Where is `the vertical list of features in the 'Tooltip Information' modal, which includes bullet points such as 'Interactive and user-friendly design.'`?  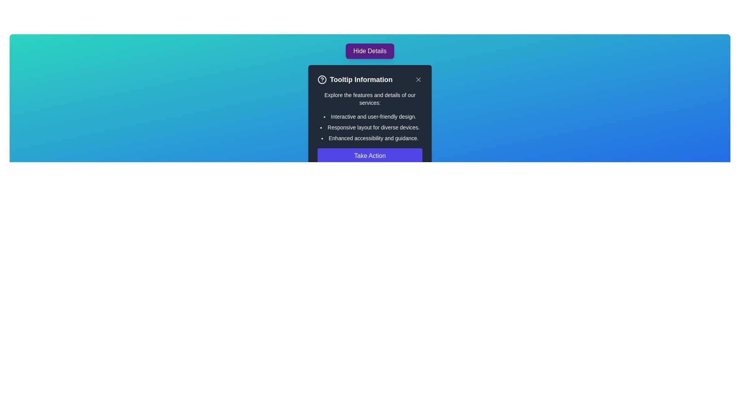
the vertical list of features in the 'Tooltip Information' modal, which includes bullet points such as 'Interactive and user-friendly design.' is located at coordinates (370, 127).